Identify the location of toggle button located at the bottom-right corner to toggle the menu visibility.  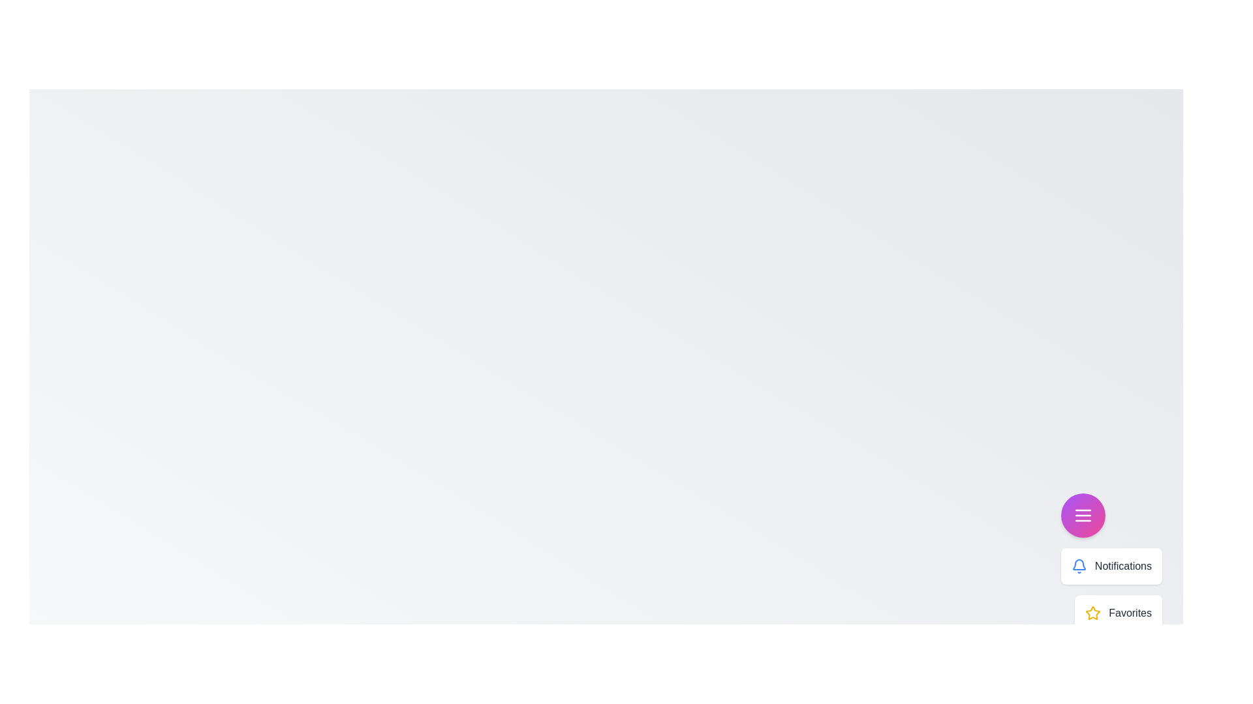
(1083, 514).